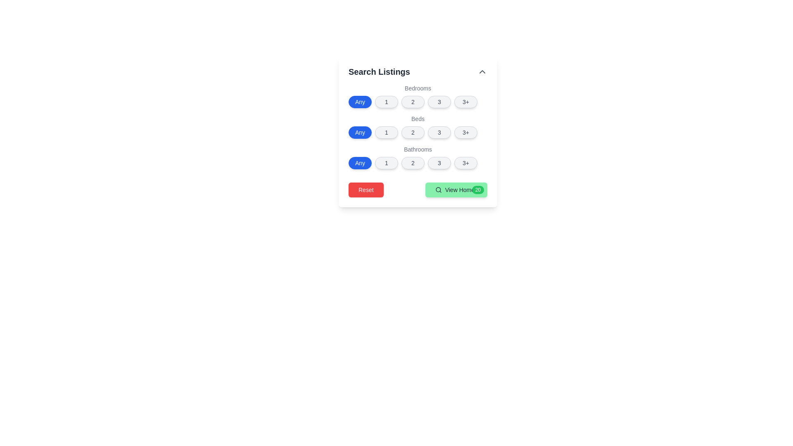  I want to click on the filter button for the 'Beds' category, so click(386, 132).